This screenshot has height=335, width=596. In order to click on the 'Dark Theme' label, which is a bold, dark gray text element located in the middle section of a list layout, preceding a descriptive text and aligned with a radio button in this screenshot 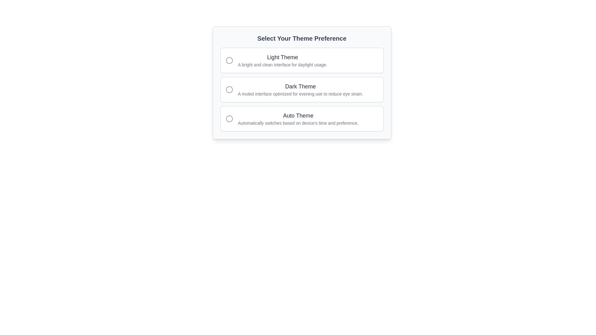, I will do `click(300, 86)`.